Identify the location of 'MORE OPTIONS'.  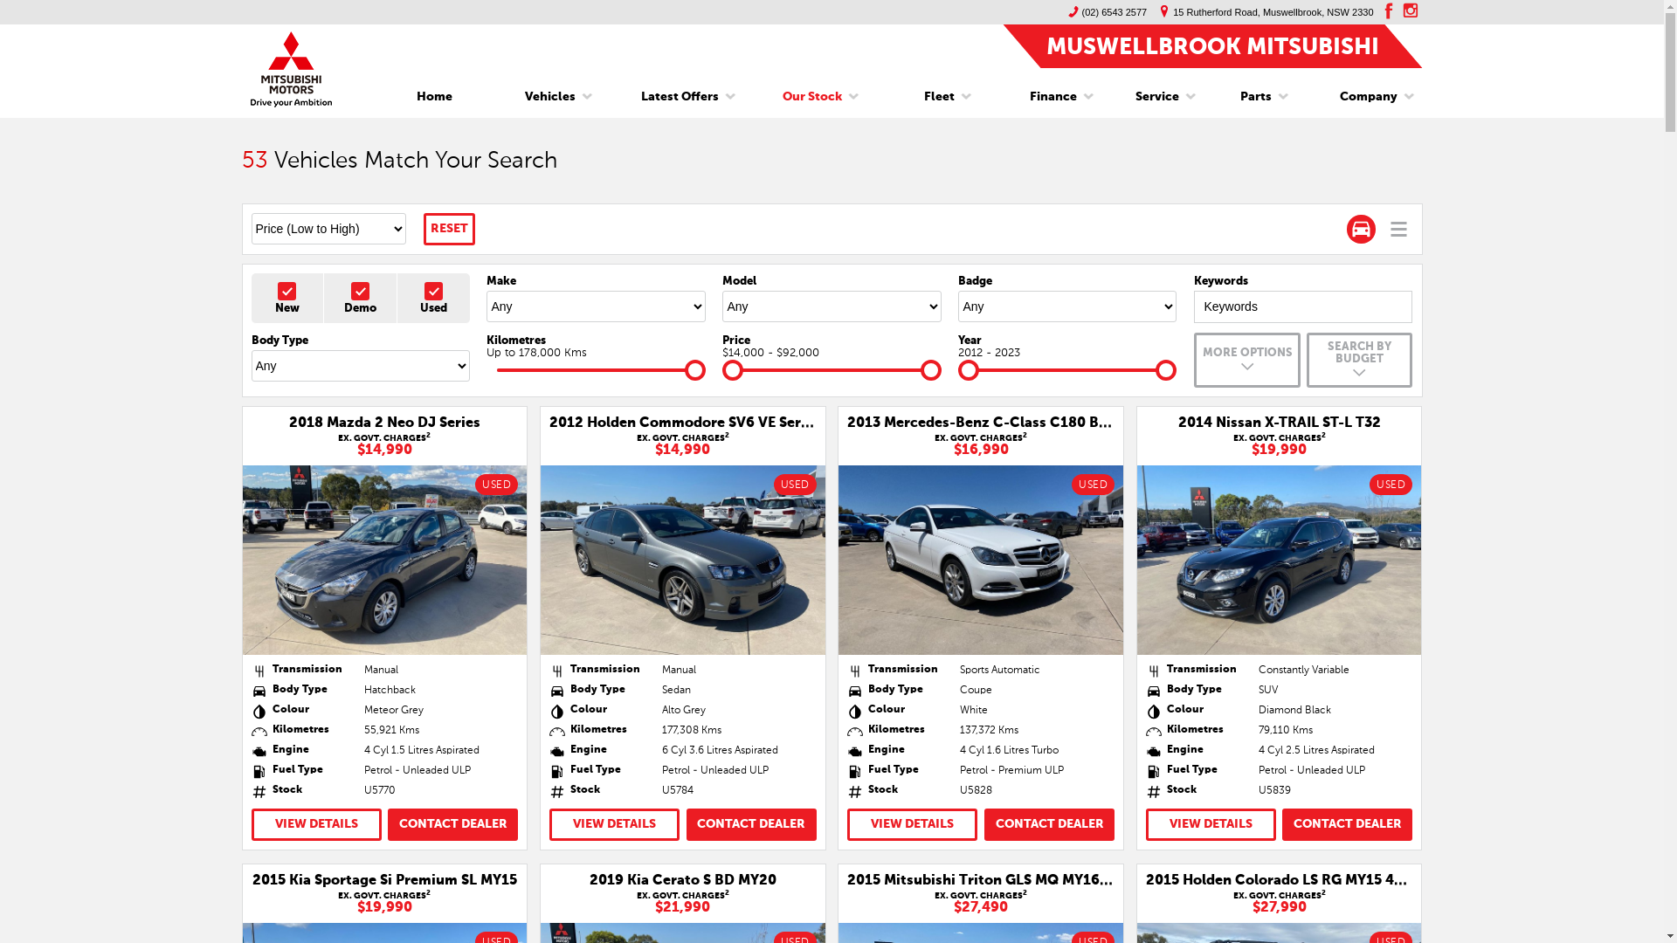
(1193, 359).